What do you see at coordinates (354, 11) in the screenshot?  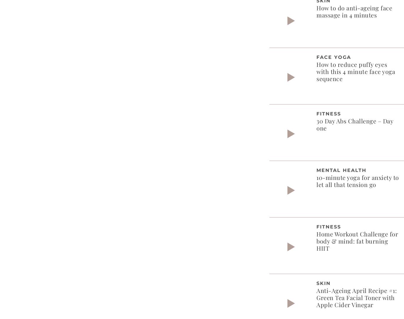 I see `'How to do anti-ageing face massage in 4 minutes'` at bounding box center [354, 11].